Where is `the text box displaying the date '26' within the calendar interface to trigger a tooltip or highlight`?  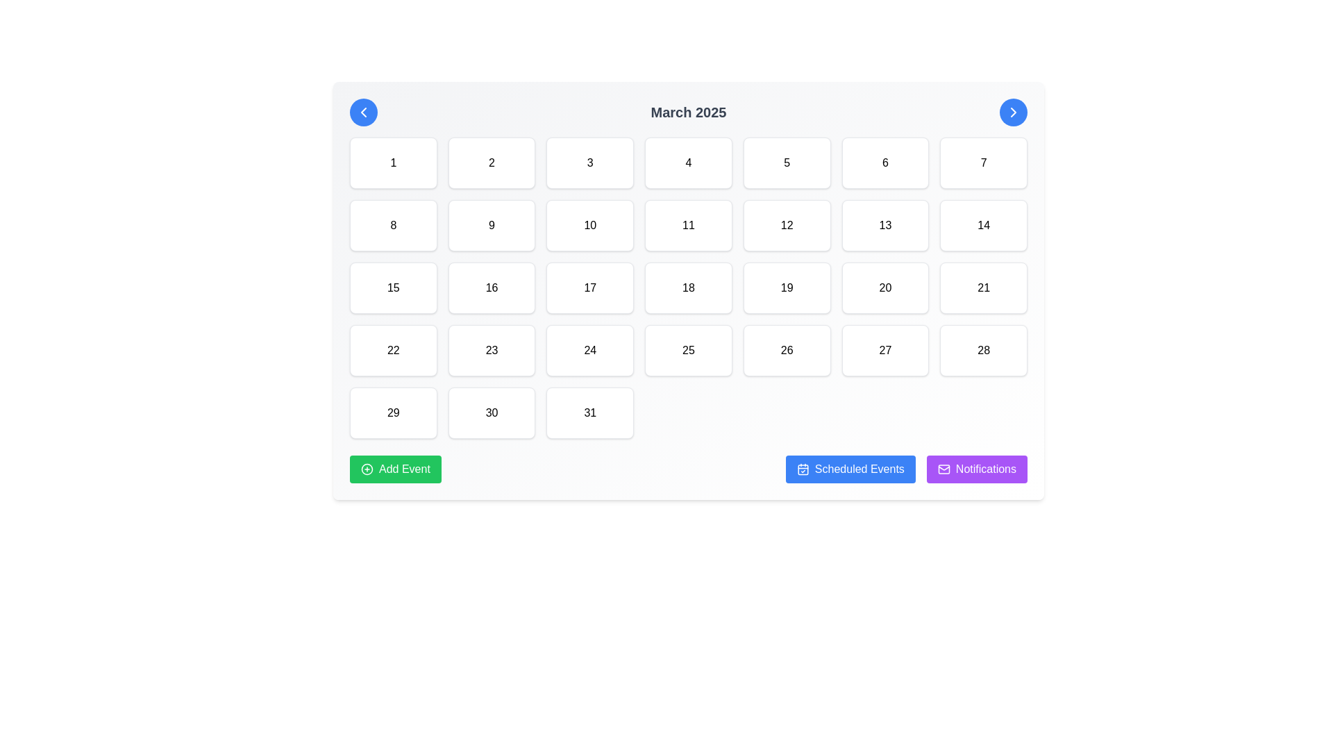 the text box displaying the date '26' within the calendar interface to trigger a tooltip or highlight is located at coordinates (787, 350).